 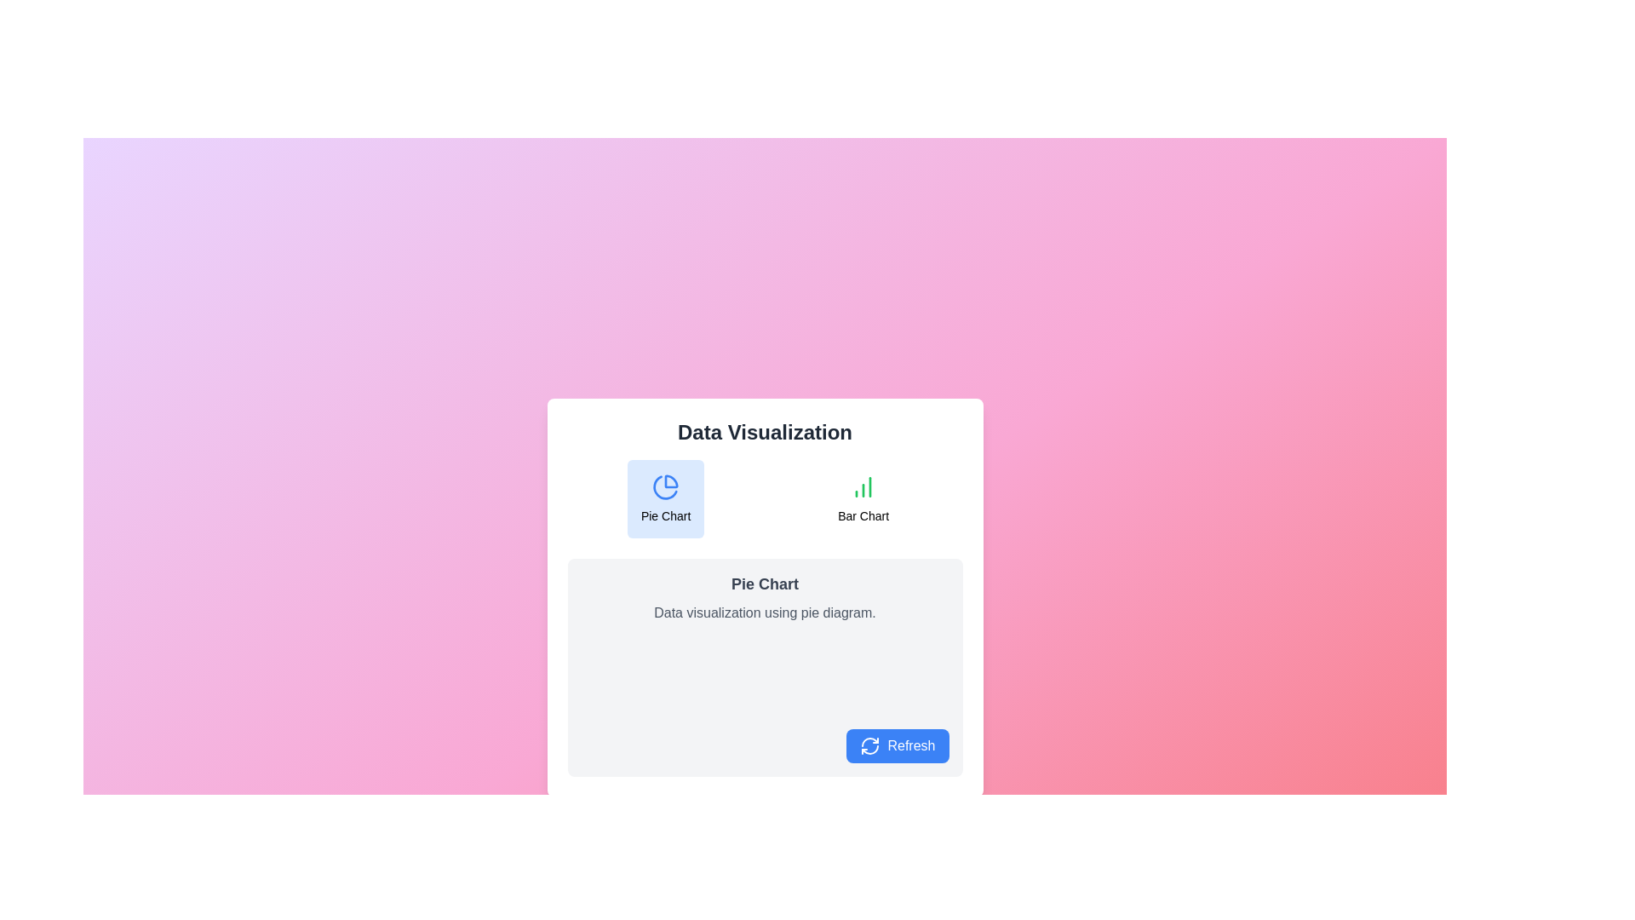 I want to click on the refresh button located at the bottom-right corner inside the 'Pie Chart' section to refresh the data visualization, so click(x=897, y=745).